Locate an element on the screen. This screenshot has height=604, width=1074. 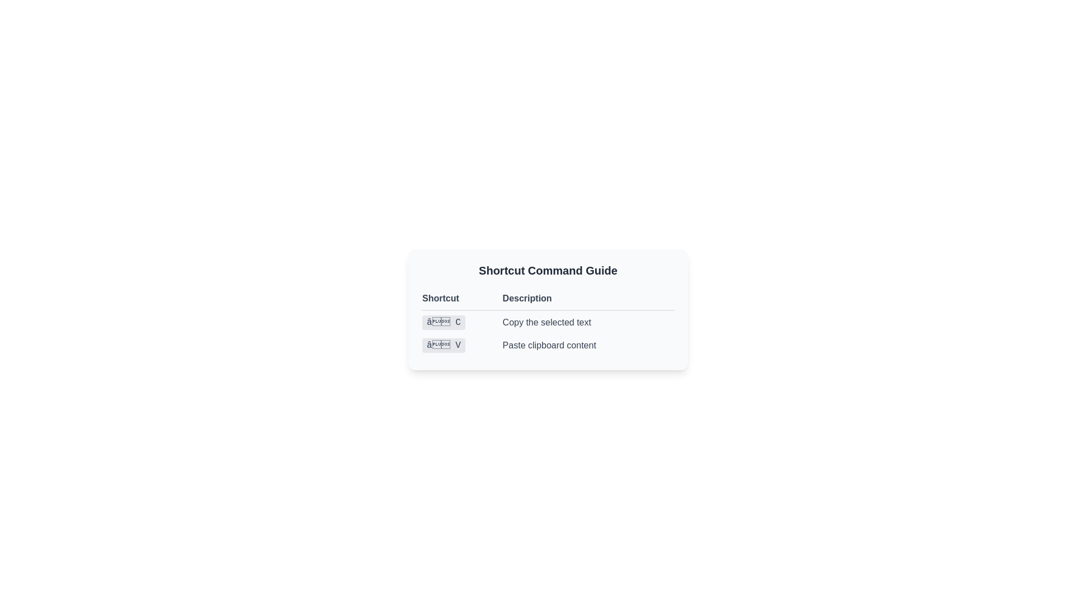
the button-like static text element containing the text 'â⌘ V', which is styled with a light gray background and rounded corners, located in the lower part of a two-row list is located at coordinates (443, 345).